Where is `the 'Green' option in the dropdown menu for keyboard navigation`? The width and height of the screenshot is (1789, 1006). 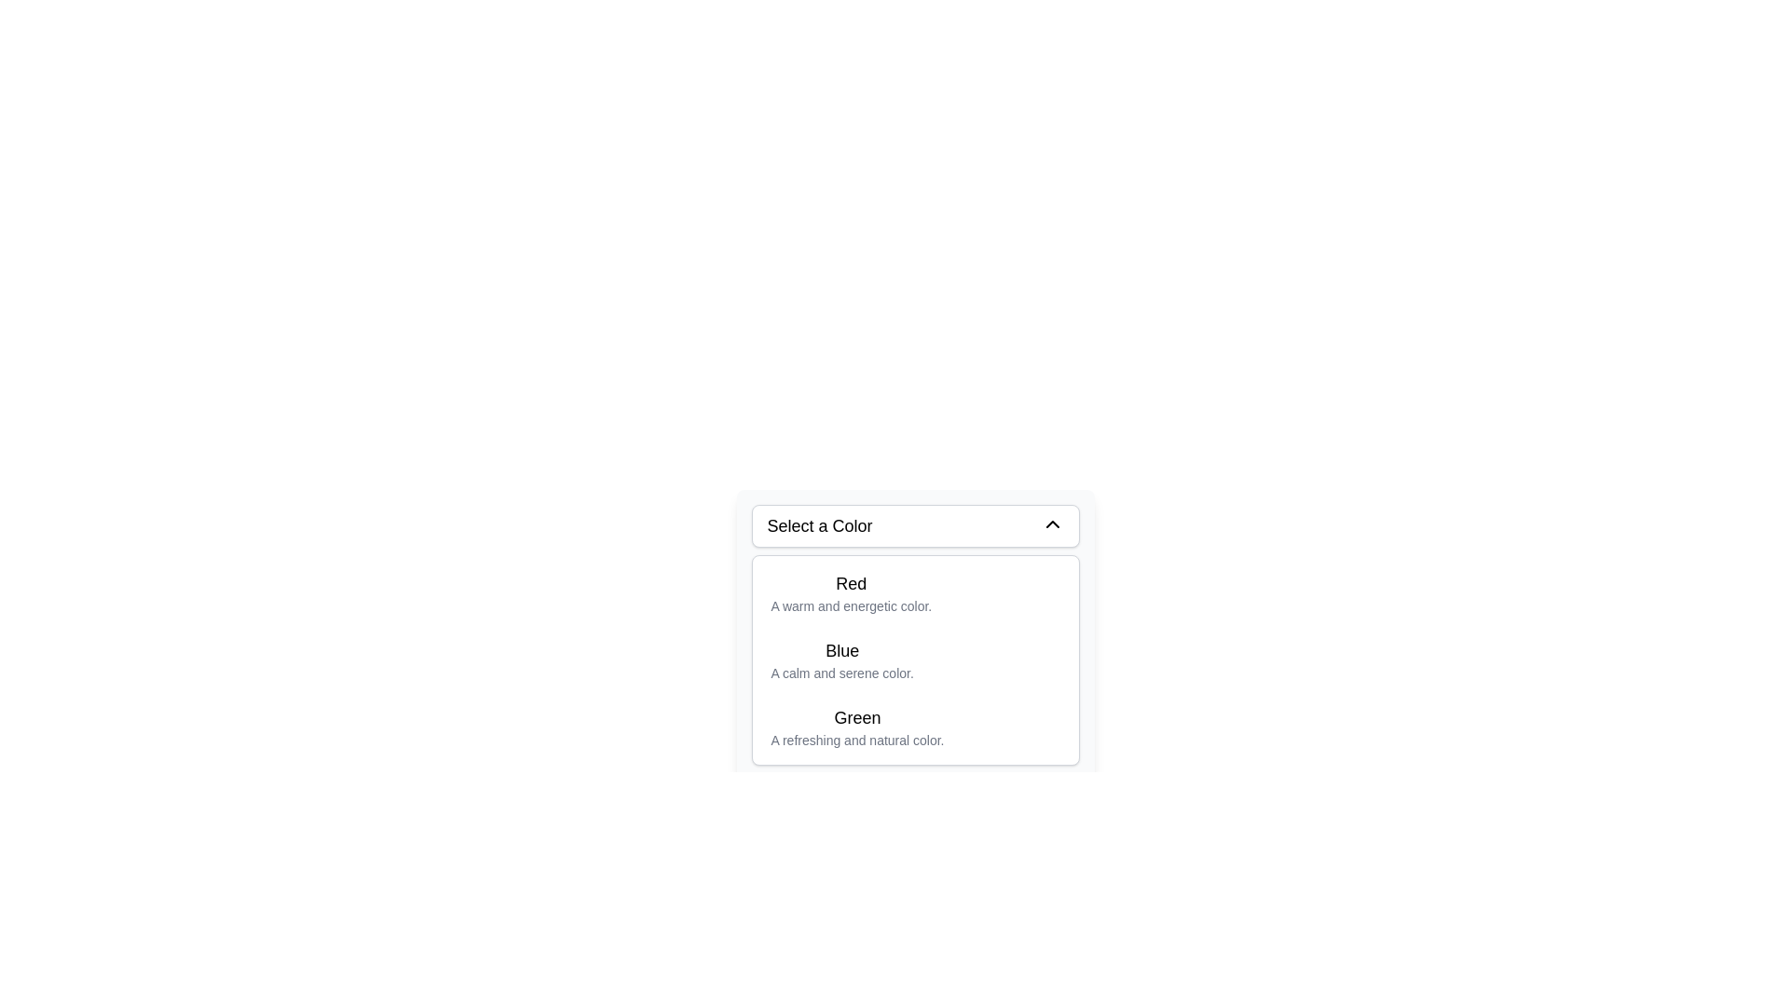 the 'Green' option in the dropdown menu for keyboard navigation is located at coordinates (915, 726).